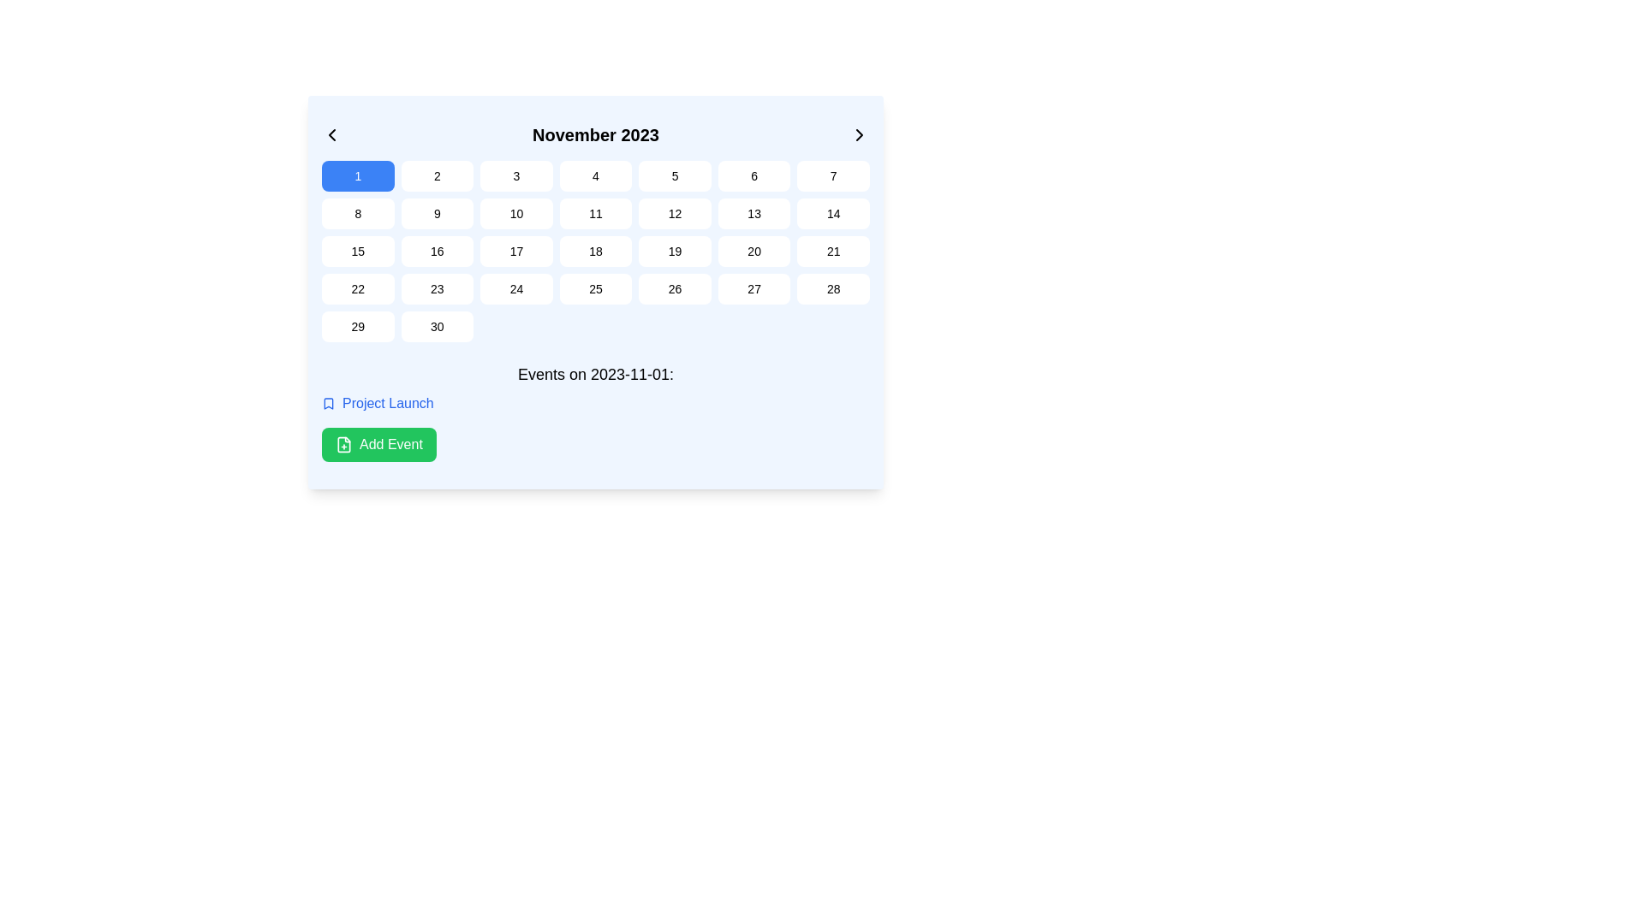  I want to click on the file icon with a plus sign, which is part of the green 'Add Event' button, so click(343, 444).